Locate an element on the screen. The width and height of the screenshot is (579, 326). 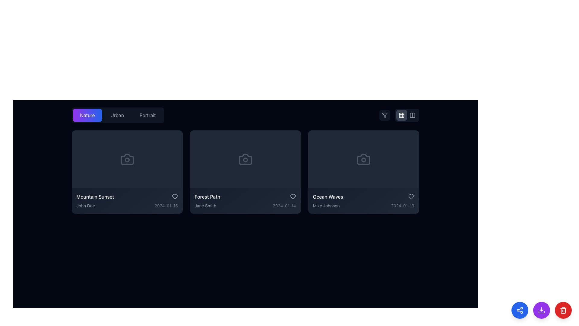
the funnel icon representing the filter function, located at the far right of the horizontal control bar, adjacent to two other icons is located at coordinates (384, 115).